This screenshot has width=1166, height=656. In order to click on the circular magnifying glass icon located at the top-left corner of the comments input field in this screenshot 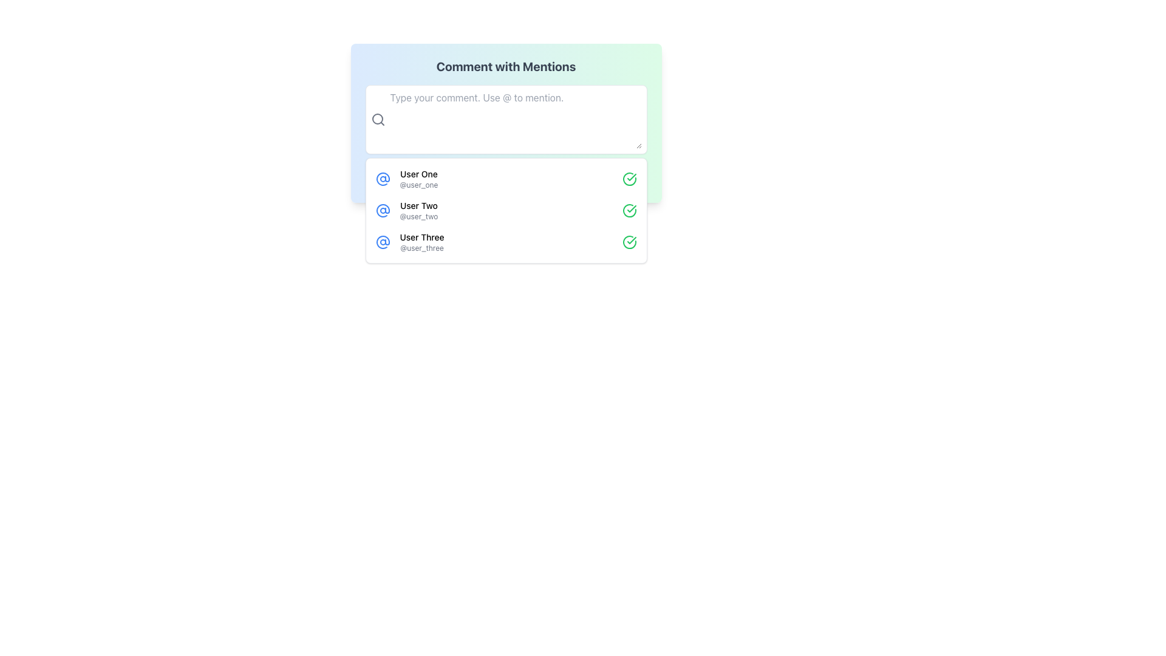, I will do `click(377, 119)`.